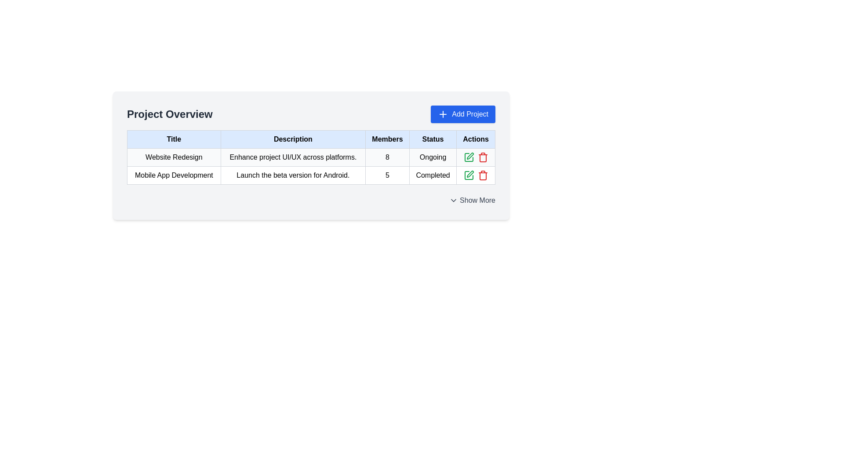 The width and height of the screenshot is (844, 475). What do you see at coordinates (462, 113) in the screenshot?
I see `the add new project button located on the right side of the 'Project Overview' title, which opens a form or dialog for inputting new project details` at bounding box center [462, 113].